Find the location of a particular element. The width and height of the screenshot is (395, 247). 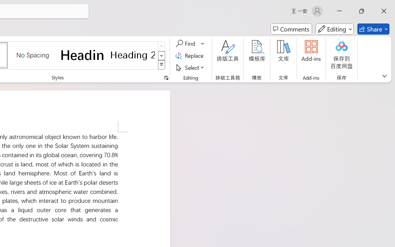

'Styles' is located at coordinates (161, 65).